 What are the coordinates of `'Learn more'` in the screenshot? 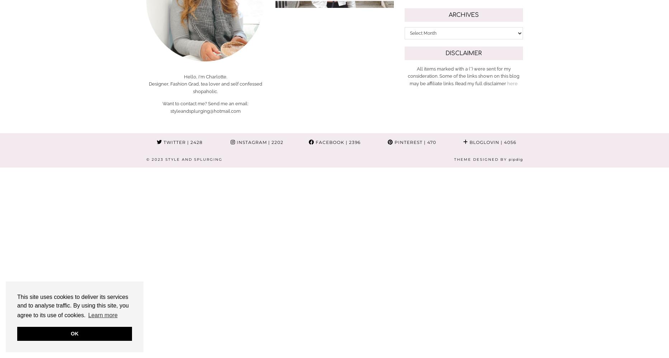 It's located at (88, 315).